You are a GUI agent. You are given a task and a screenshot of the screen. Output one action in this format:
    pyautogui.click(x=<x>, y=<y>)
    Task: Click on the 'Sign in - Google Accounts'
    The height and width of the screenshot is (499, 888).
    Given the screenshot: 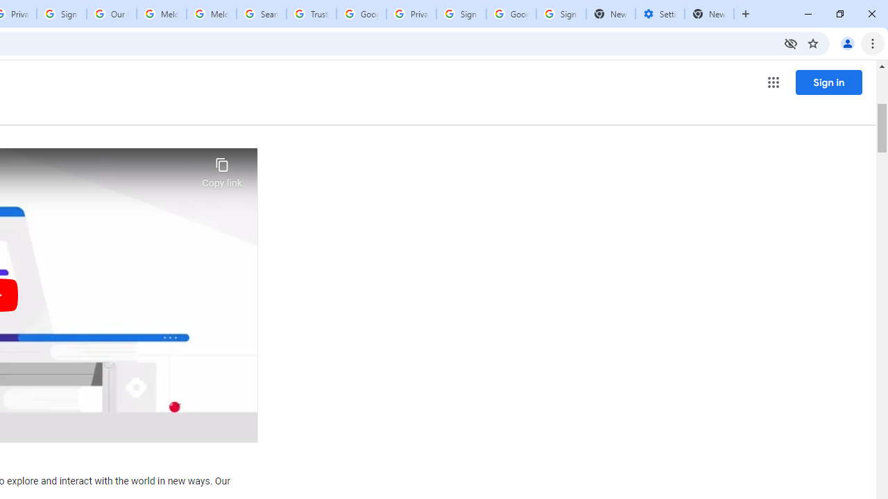 What is the action you would take?
    pyautogui.click(x=461, y=14)
    